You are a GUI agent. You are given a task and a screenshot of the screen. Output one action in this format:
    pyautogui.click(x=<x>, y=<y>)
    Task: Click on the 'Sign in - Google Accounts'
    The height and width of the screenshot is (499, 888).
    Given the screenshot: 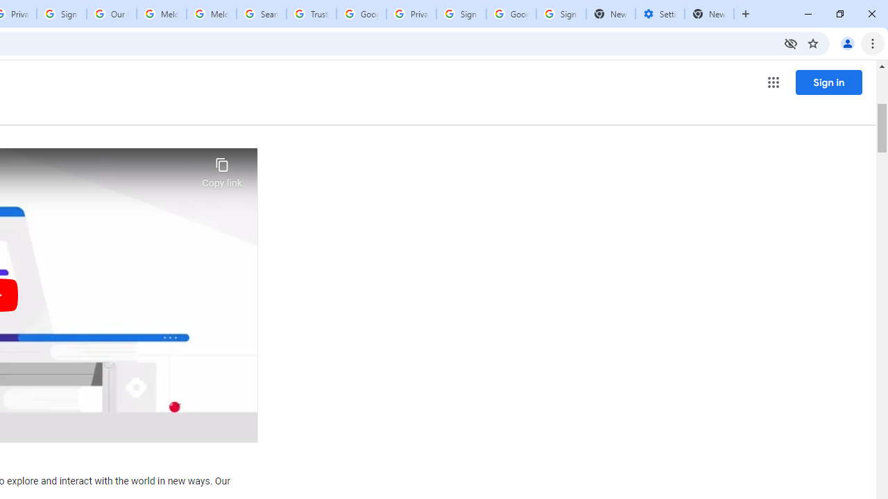 What is the action you would take?
    pyautogui.click(x=461, y=14)
    